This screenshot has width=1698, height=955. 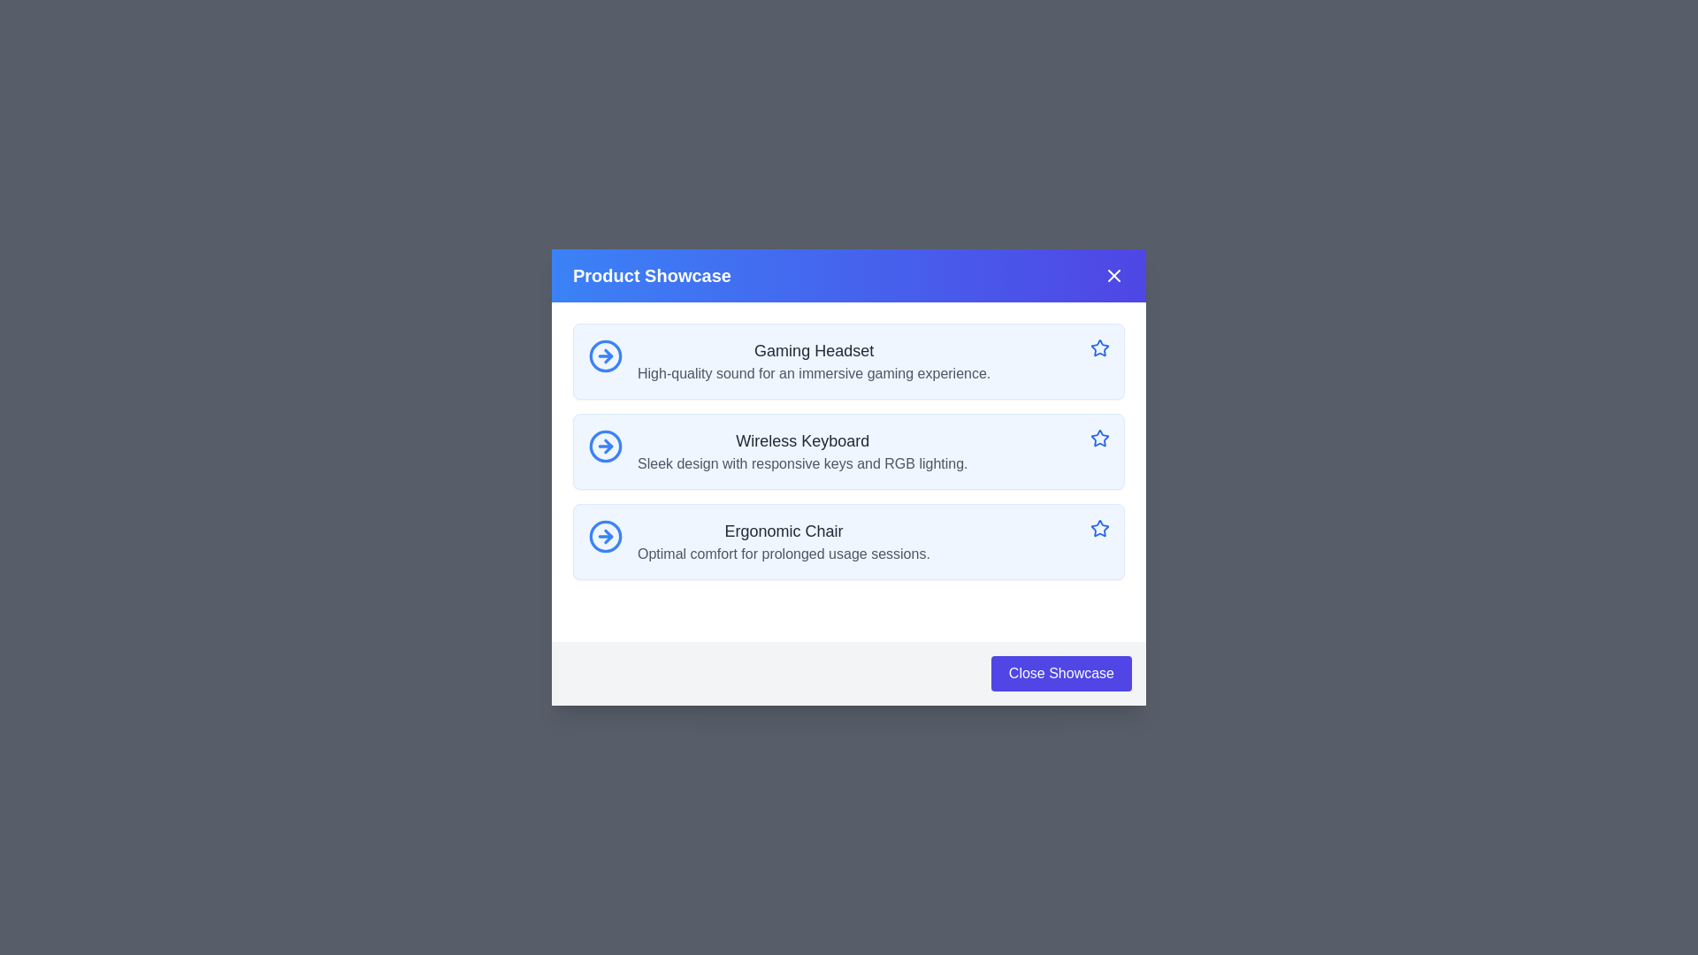 I want to click on any interactive elements present near the product description text block for the product entry located at the top of the vertical list, which includes 'Wireless Keyboard' and 'Ergonomic Chair', so click(x=813, y=360).